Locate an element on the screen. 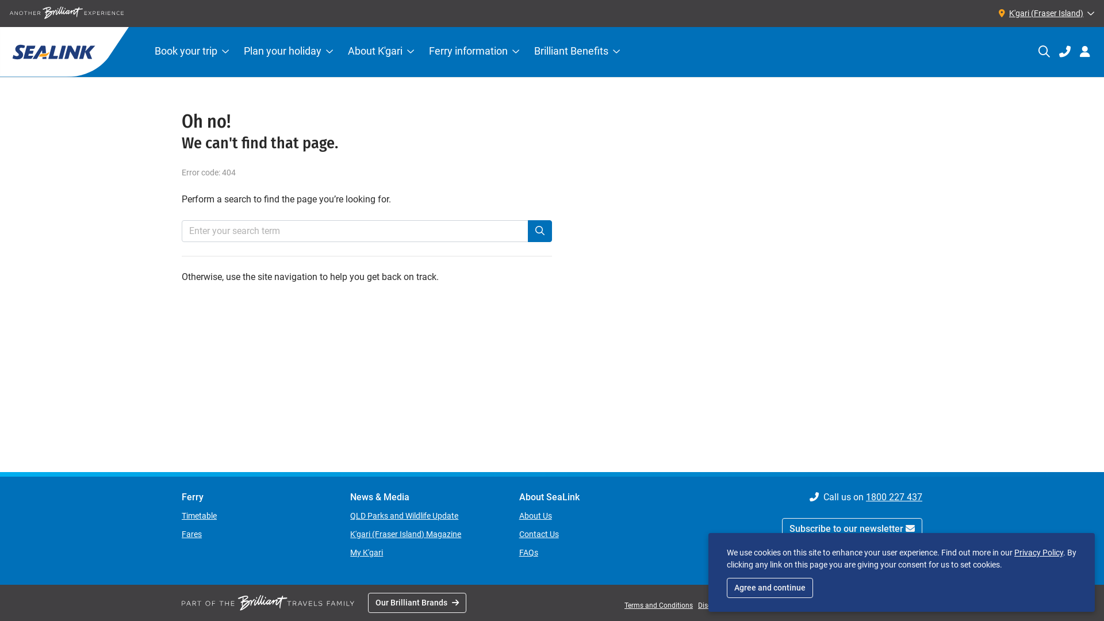 This screenshot has width=1104, height=621. 'News & Media' is located at coordinates (424, 496).